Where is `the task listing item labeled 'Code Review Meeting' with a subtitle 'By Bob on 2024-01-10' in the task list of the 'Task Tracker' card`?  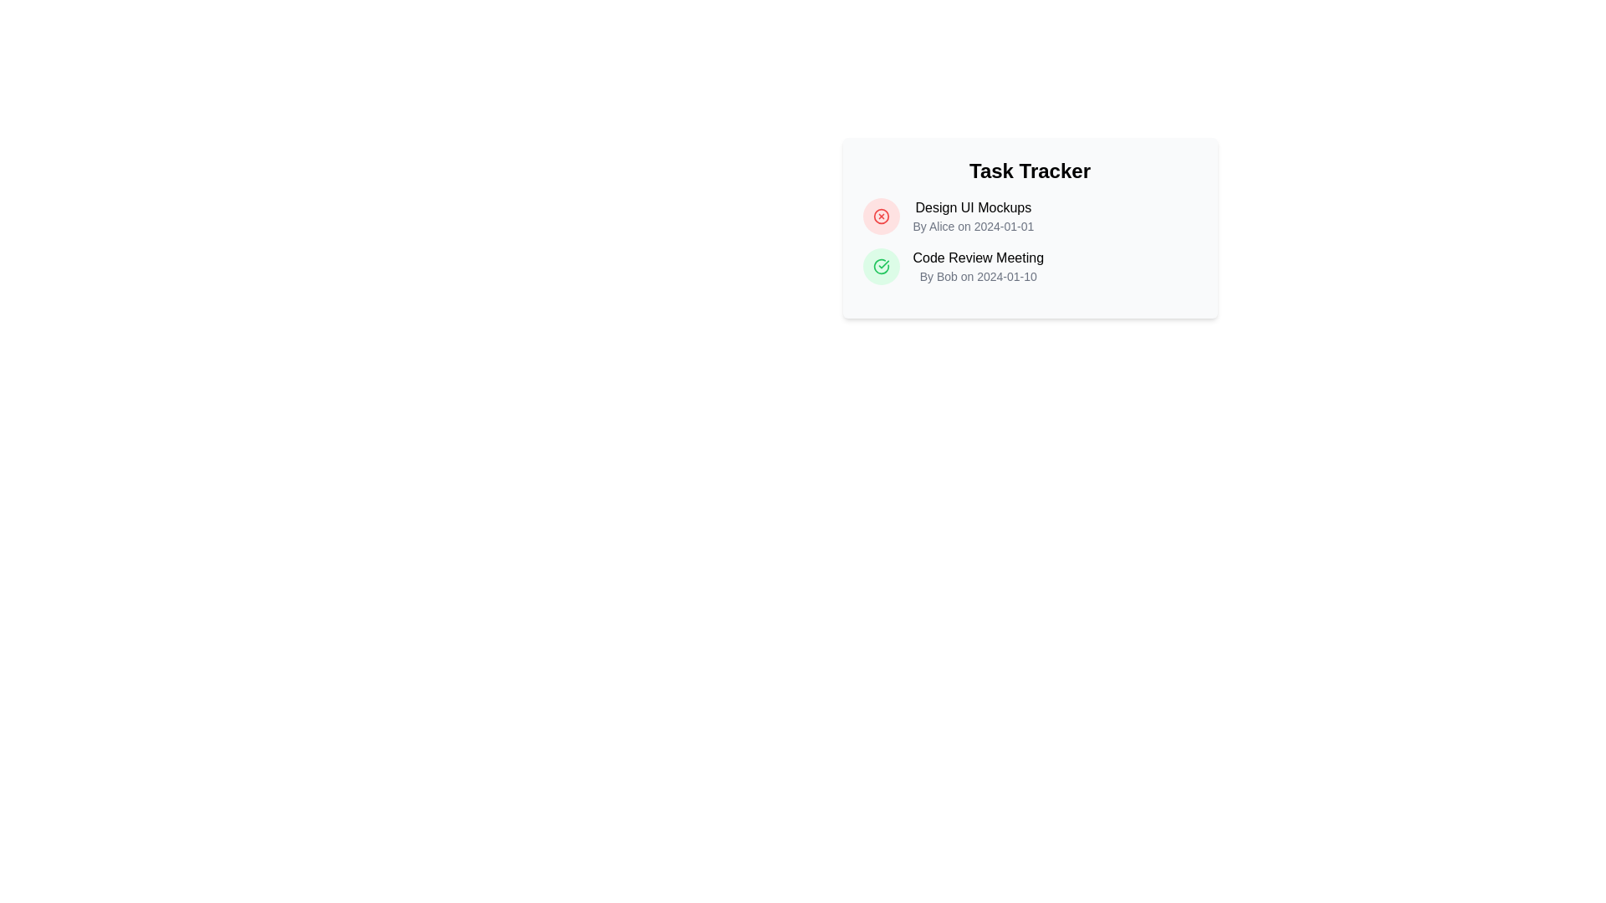
the task listing item labeled 'Code Review Meeting' with a subtitle 'By Bob on 2024-01-10' in the task list of the 'Task Tracker' card is located at coordinates (1029, 266).